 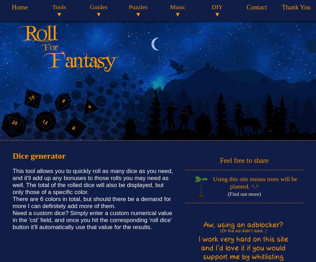 I want to click on 'Guides', so click(x=98, y=7).